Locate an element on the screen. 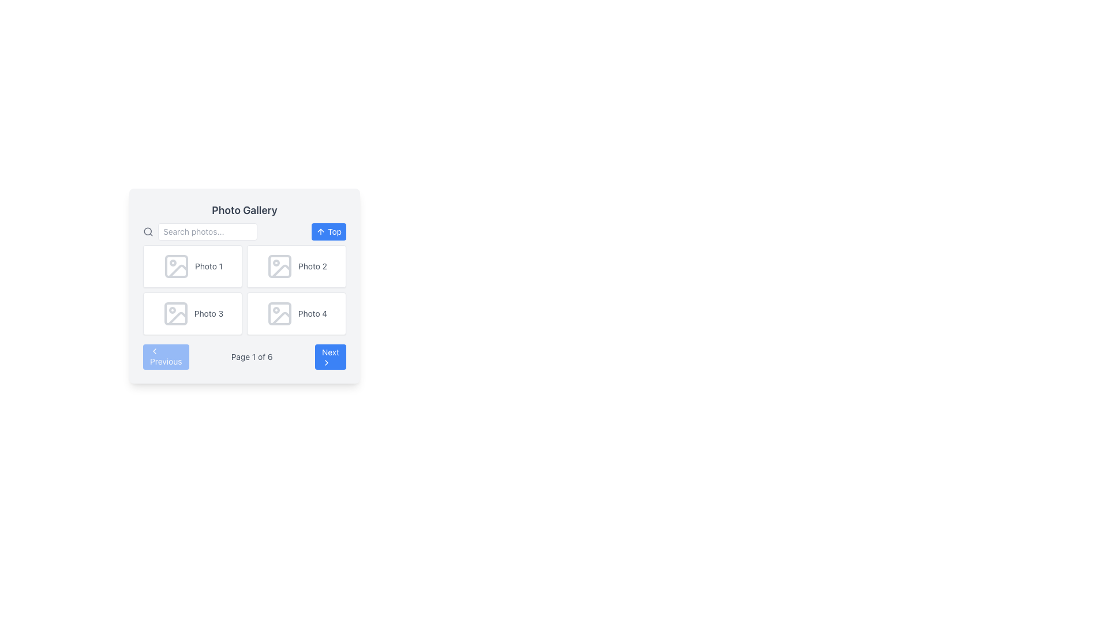 This screenshot has width=1108, height=623. the scroll-to-top button located in the upper-right corner of the 'Photo Gallery' panel is located at coordinates (328, 231).